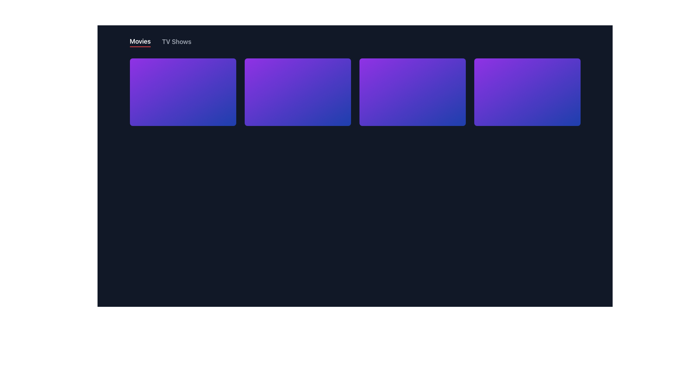 This screenshot has height=380, width=676. I want to click on the informational section with interactive buttons for a movie, located in the upper row, third column of the grid layout, so click(412, 103).